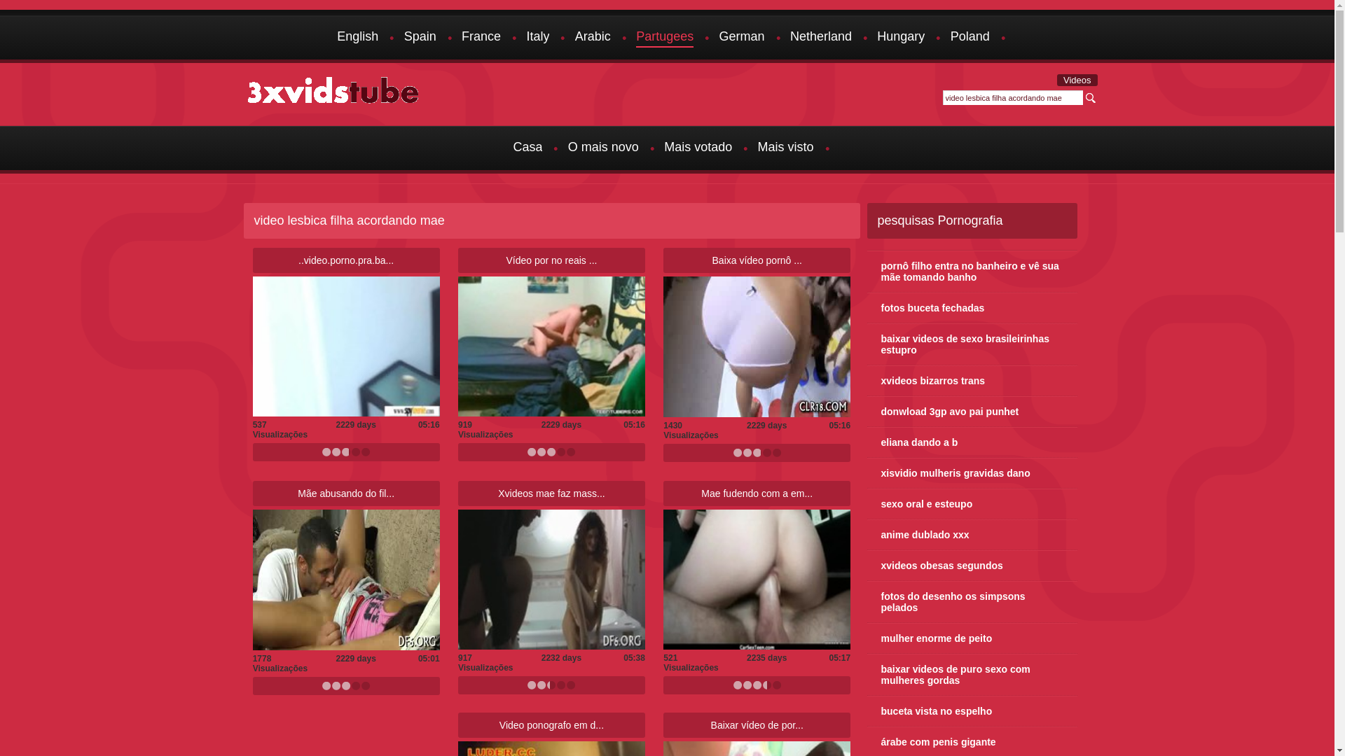 Image resolution: width=1345 pixels, height=756 pixels. I want to click on 'eliana dando a b', so click(971, 442).